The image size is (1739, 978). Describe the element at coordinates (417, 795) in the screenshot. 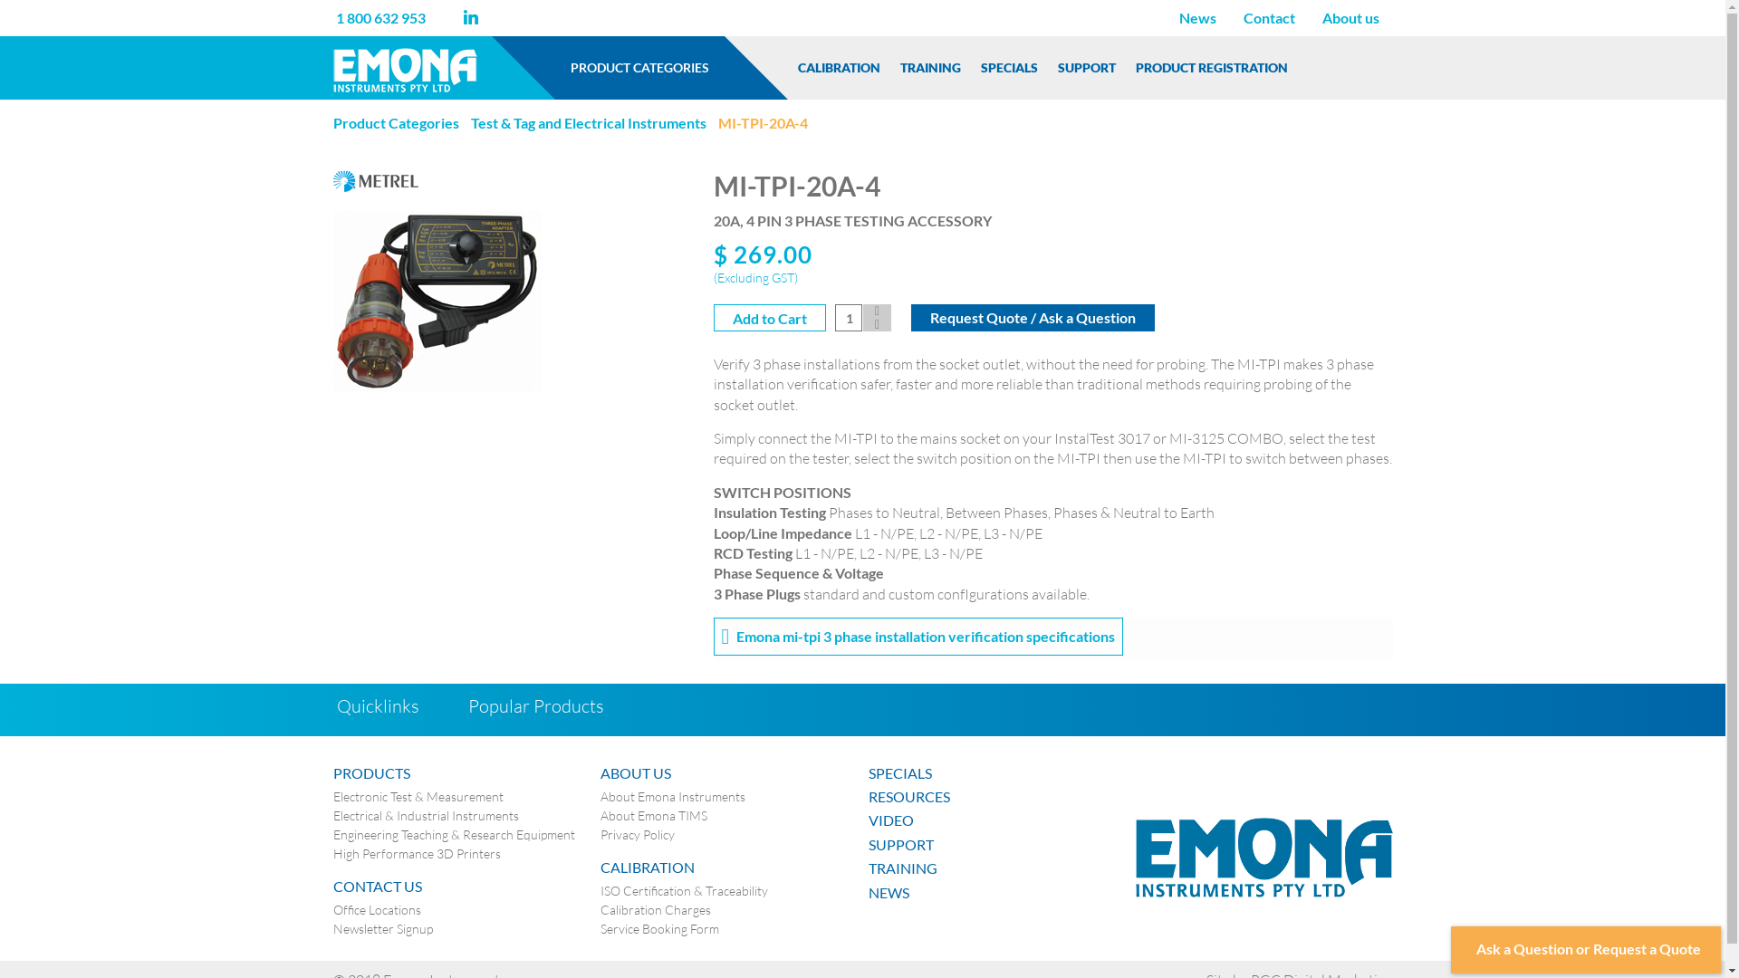

I see `'Electronic Test & Measurement'` at that location.